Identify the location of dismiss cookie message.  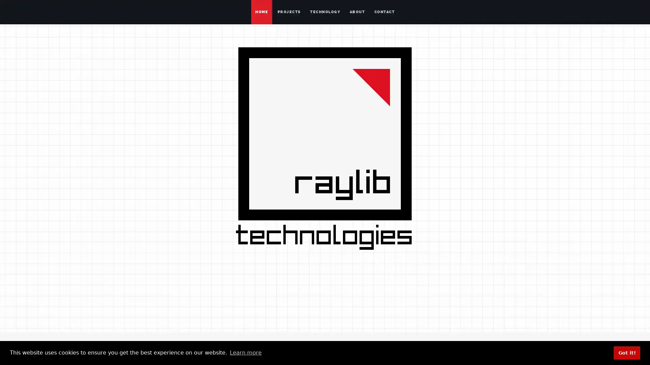
(627, 352).